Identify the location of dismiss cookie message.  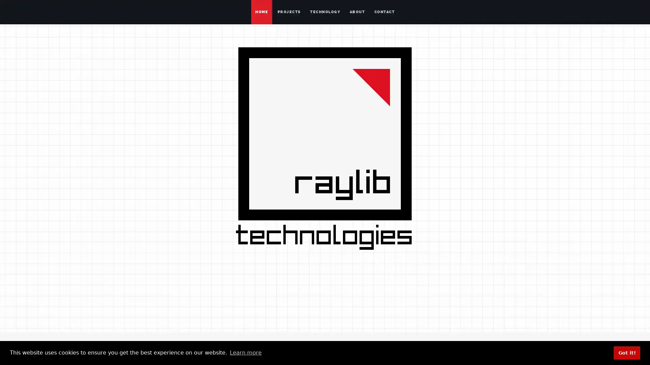
(627, 352).